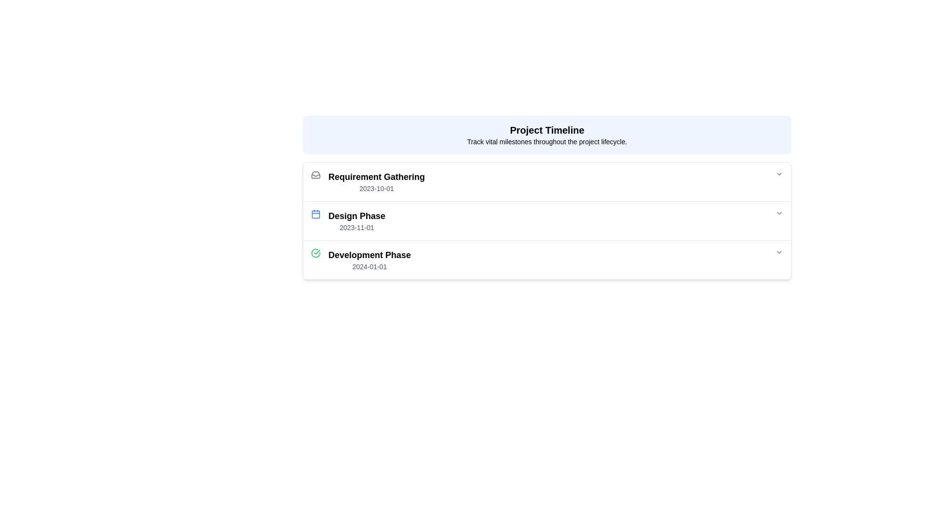  I want to click on the date or scheduled timeline icon within the 'Design Phase' card, which is the second card in the project phases list, so click(315, 213).